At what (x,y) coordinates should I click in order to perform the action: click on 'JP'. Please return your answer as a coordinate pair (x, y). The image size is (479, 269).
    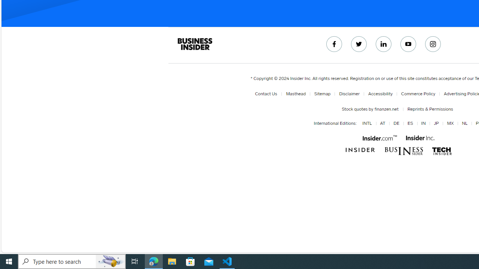
    Looking at the image, I should click on (436, 123).